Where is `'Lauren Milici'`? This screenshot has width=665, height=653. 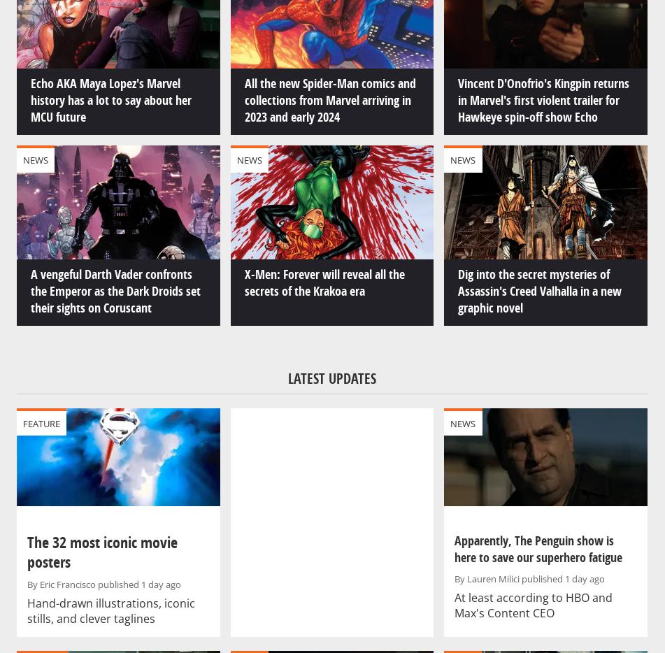
'Lauren Milici' is located at coordinates (466, 578).